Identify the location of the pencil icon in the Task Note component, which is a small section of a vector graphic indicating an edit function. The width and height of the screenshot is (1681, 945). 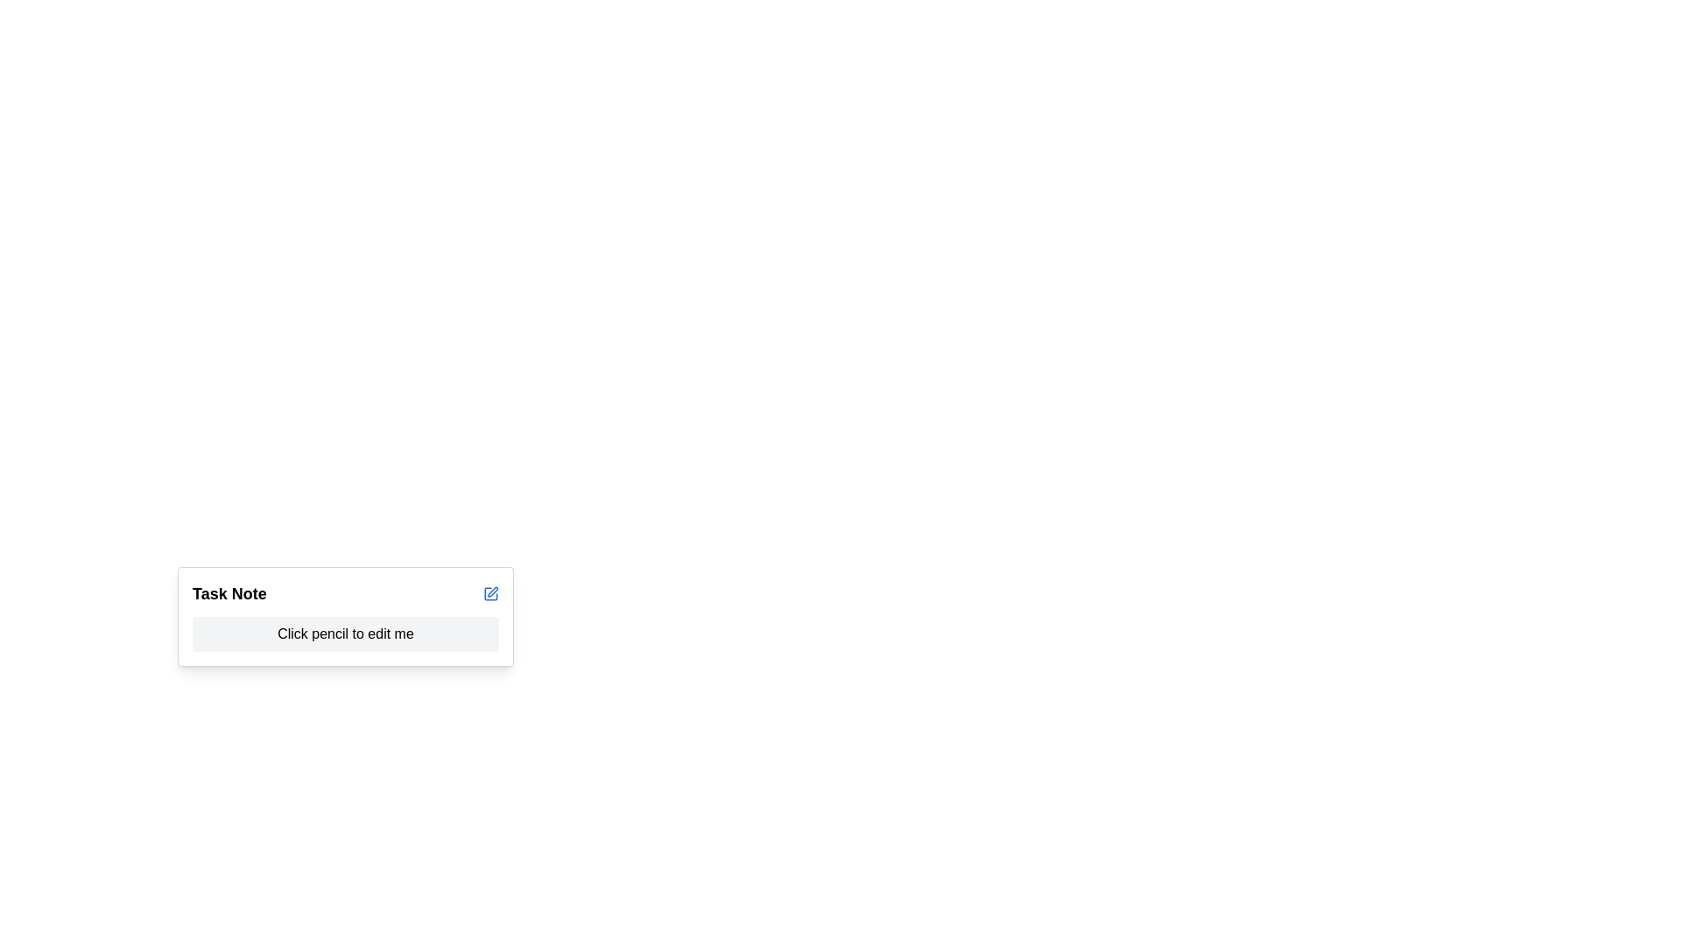
(492, 591).